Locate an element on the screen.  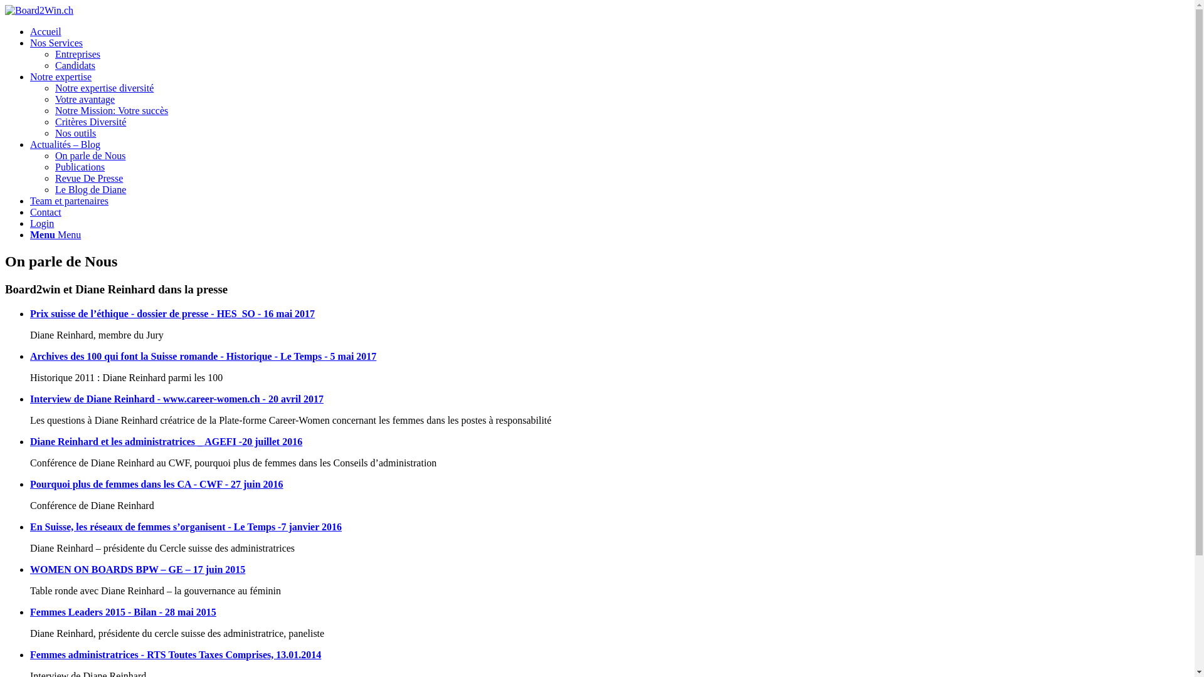
'Publications' is located at coordinates (54, 166).